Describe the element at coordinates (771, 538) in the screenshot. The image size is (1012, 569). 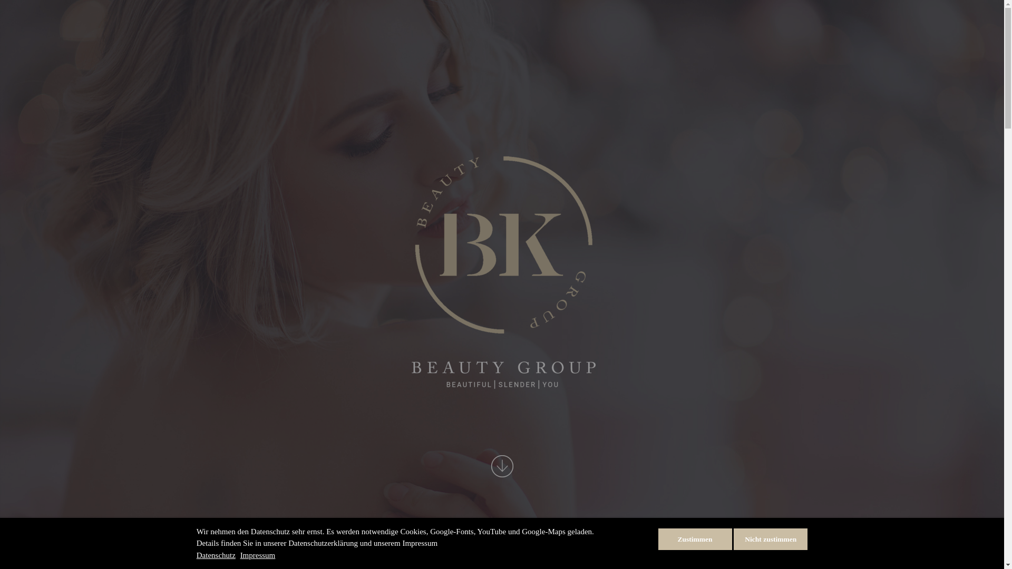
I see `'Nicht zustimmen'` at that location.